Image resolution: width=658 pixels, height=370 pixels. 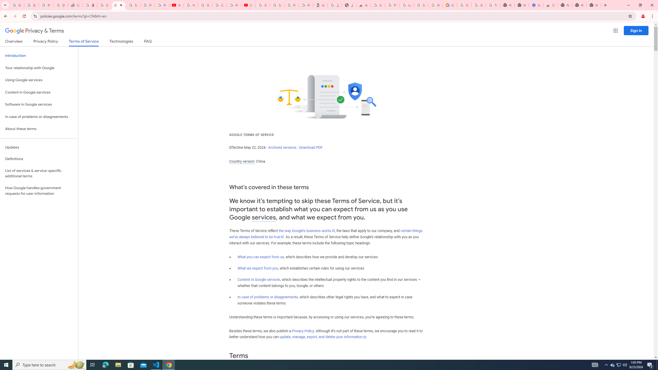 What do you see at coordinates (148, 42) in the screenshot?
I see `'FAQ'` at bounding box center [148, 42].